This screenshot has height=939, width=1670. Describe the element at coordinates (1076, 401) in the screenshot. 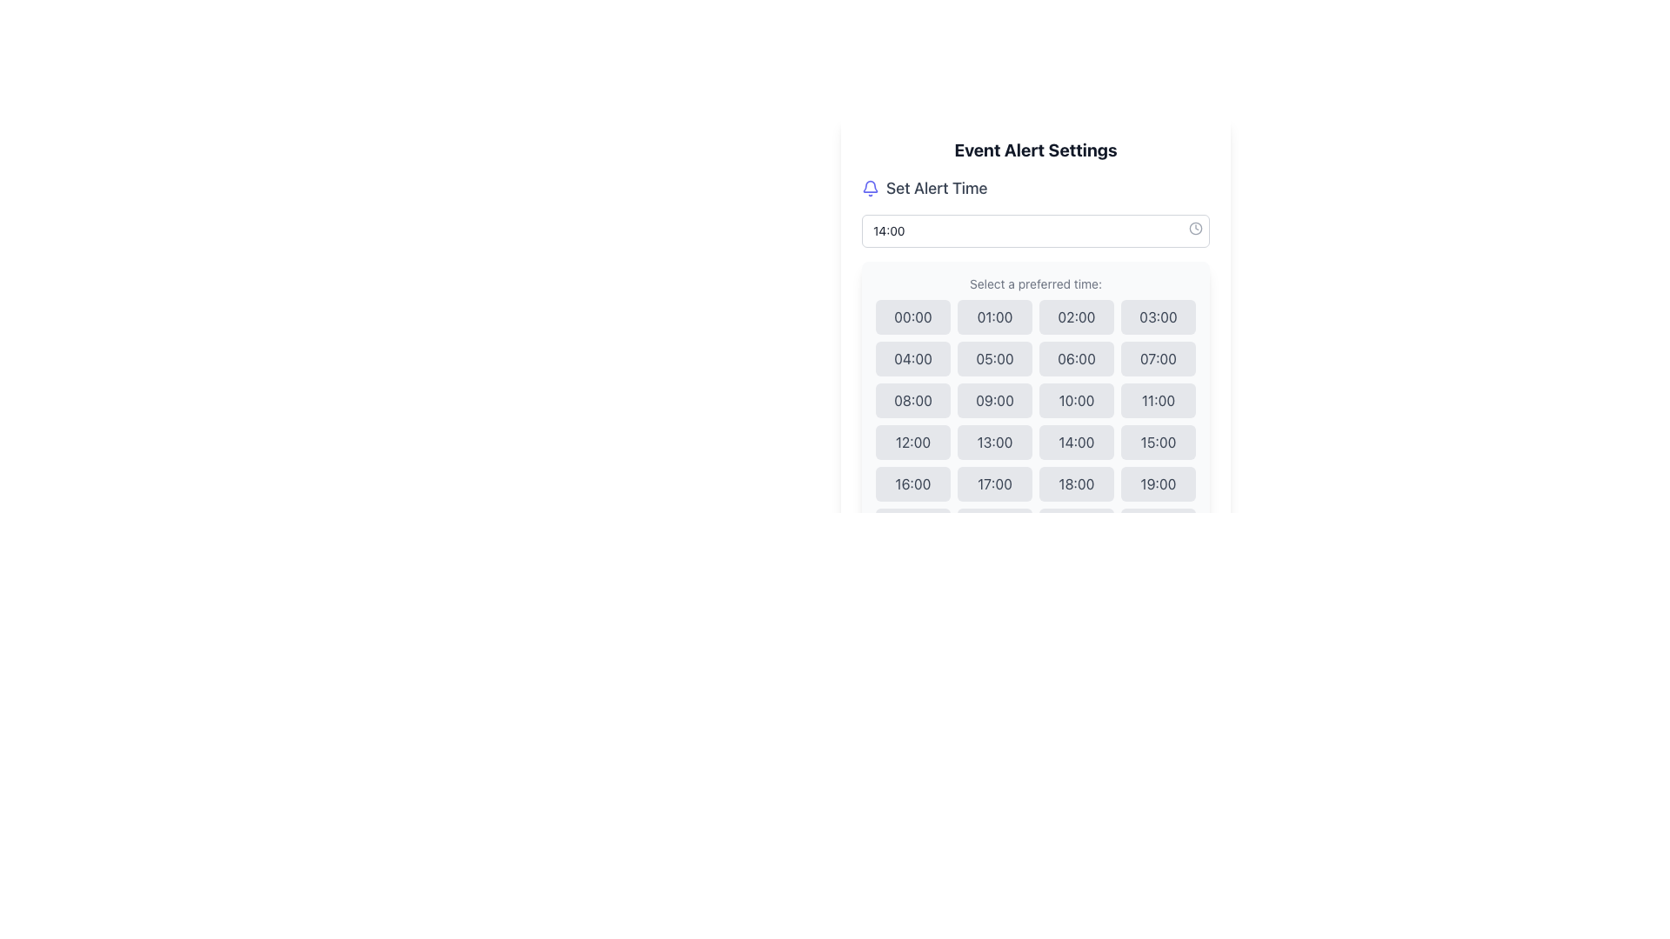

I see `the '10:00' button in the scheduling feature` at that location.